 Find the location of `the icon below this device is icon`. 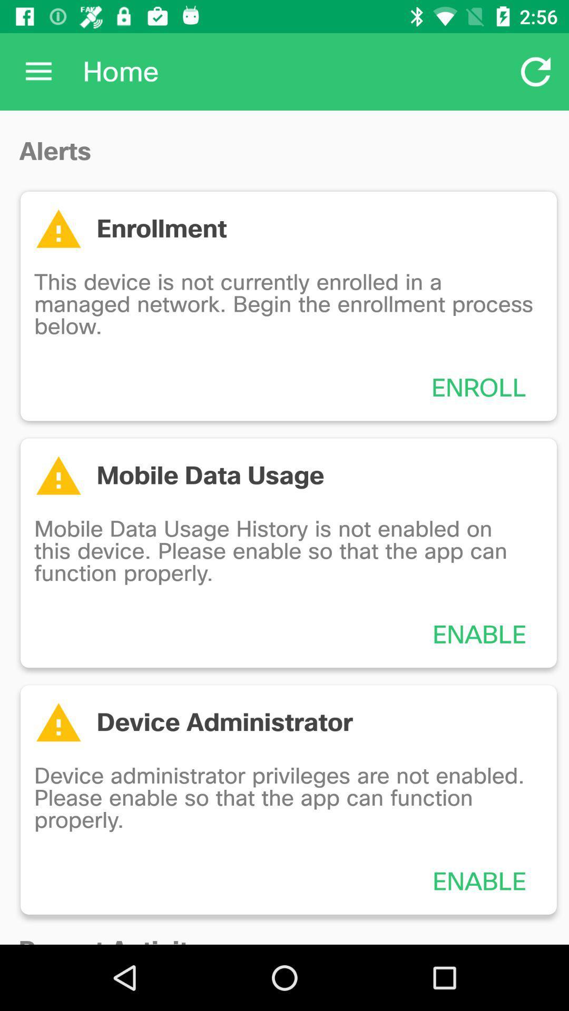

the icon below this device is icon is located at coordinates (479, 387).